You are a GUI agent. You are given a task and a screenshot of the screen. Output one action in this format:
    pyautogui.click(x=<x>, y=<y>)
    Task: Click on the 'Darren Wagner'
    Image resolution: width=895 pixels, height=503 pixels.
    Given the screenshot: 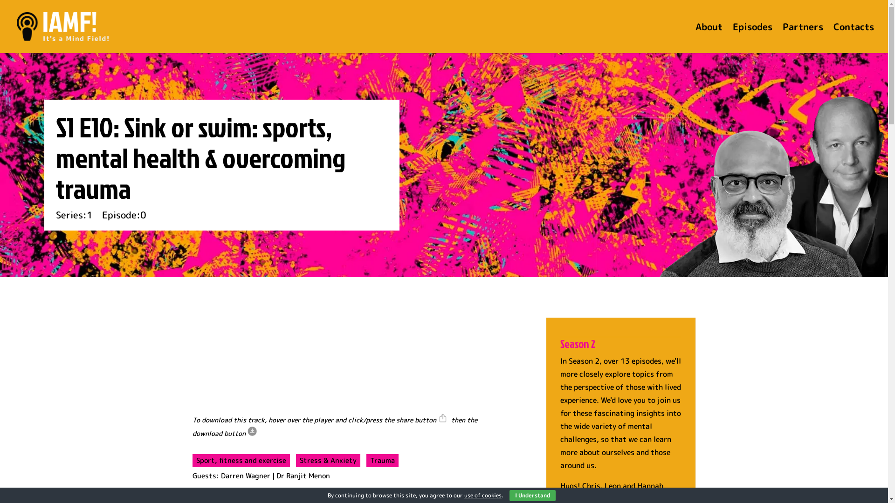 What is the action you would take?
    pyautogui.click(x=220, y=476)
    